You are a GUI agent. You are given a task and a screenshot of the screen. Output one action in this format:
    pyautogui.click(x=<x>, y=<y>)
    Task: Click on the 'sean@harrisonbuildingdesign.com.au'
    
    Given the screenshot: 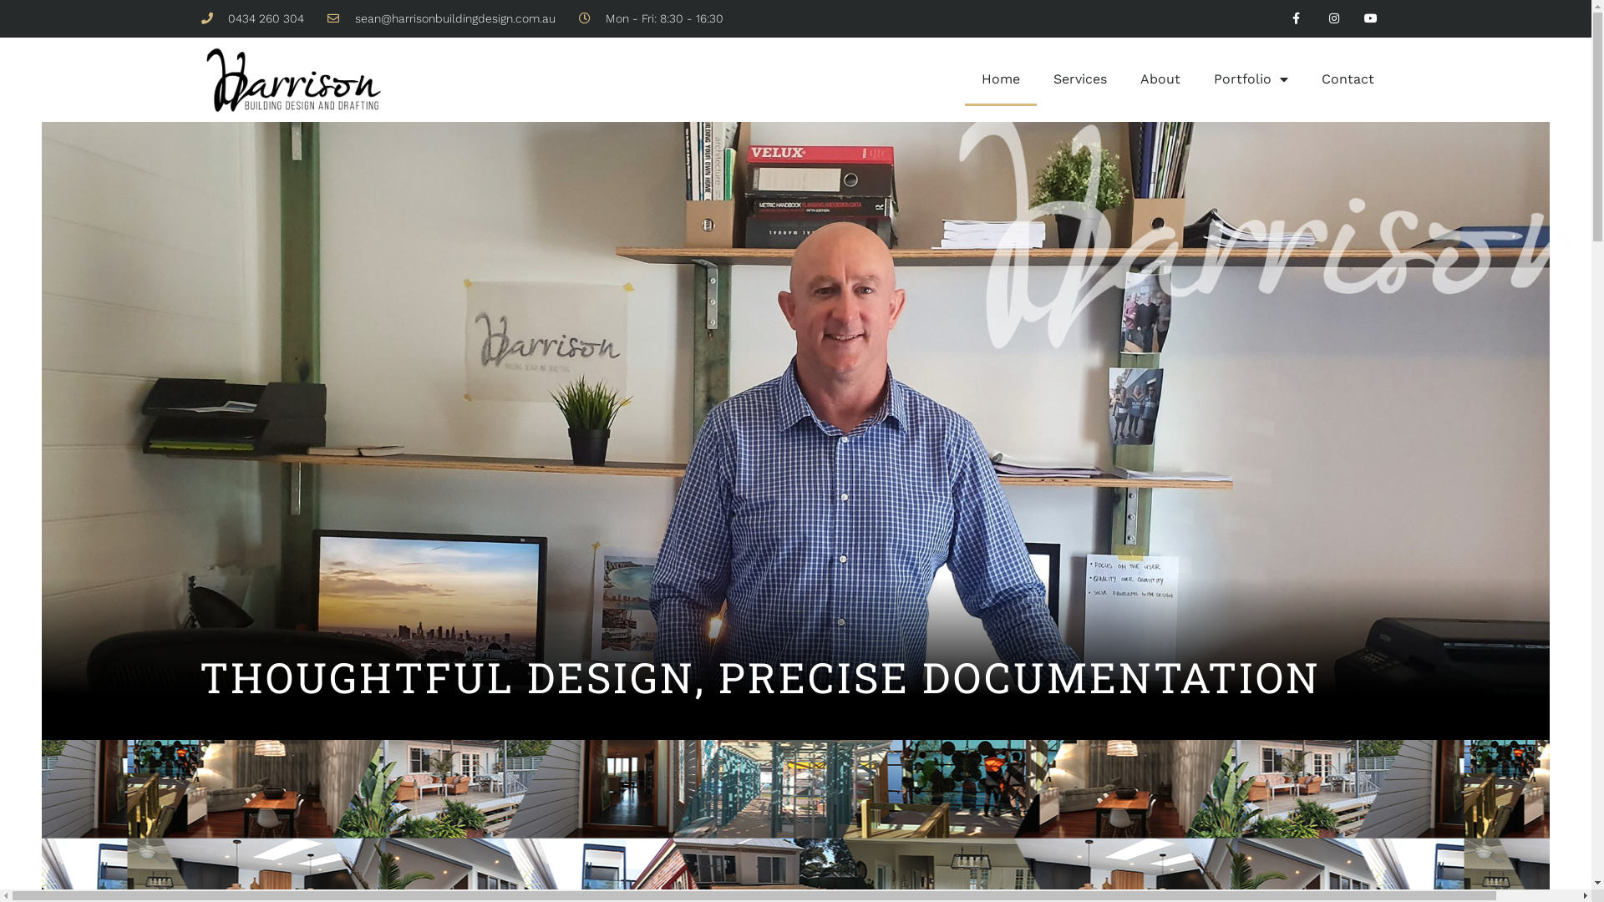 What is the action you would take?
    pyautogui.click(x=441, y=18)
    